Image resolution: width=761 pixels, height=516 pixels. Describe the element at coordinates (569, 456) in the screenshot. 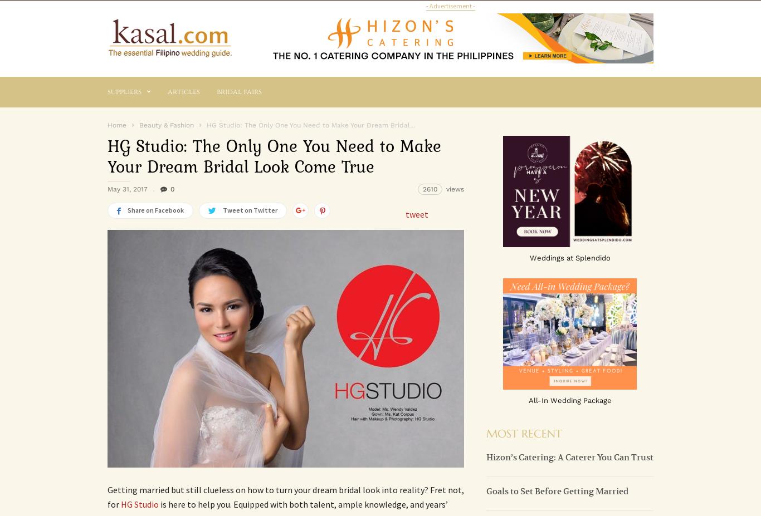

I see `'Hizon’s Catering: A Caterer You Can Trust'` at that location.